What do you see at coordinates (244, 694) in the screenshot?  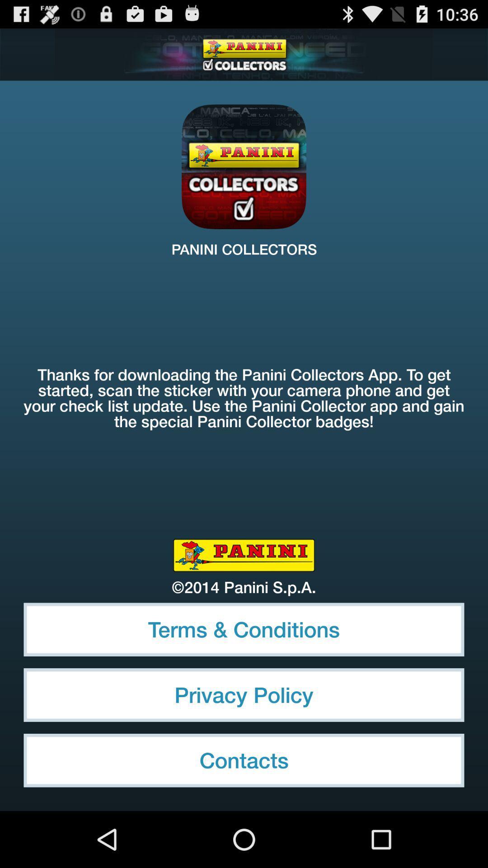 I see `the item below the terms & conditions icon` at bounding box center [244, 694].